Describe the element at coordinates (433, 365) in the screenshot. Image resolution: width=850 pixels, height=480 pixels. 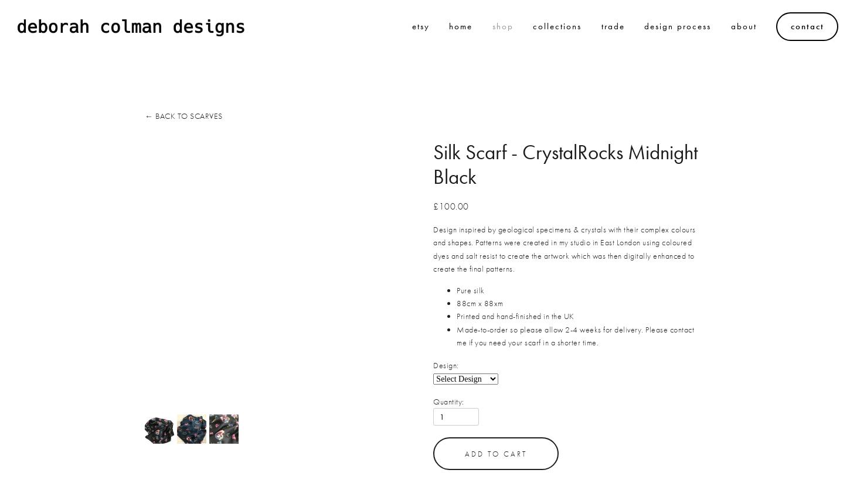
I see `'Design:'` at that location.